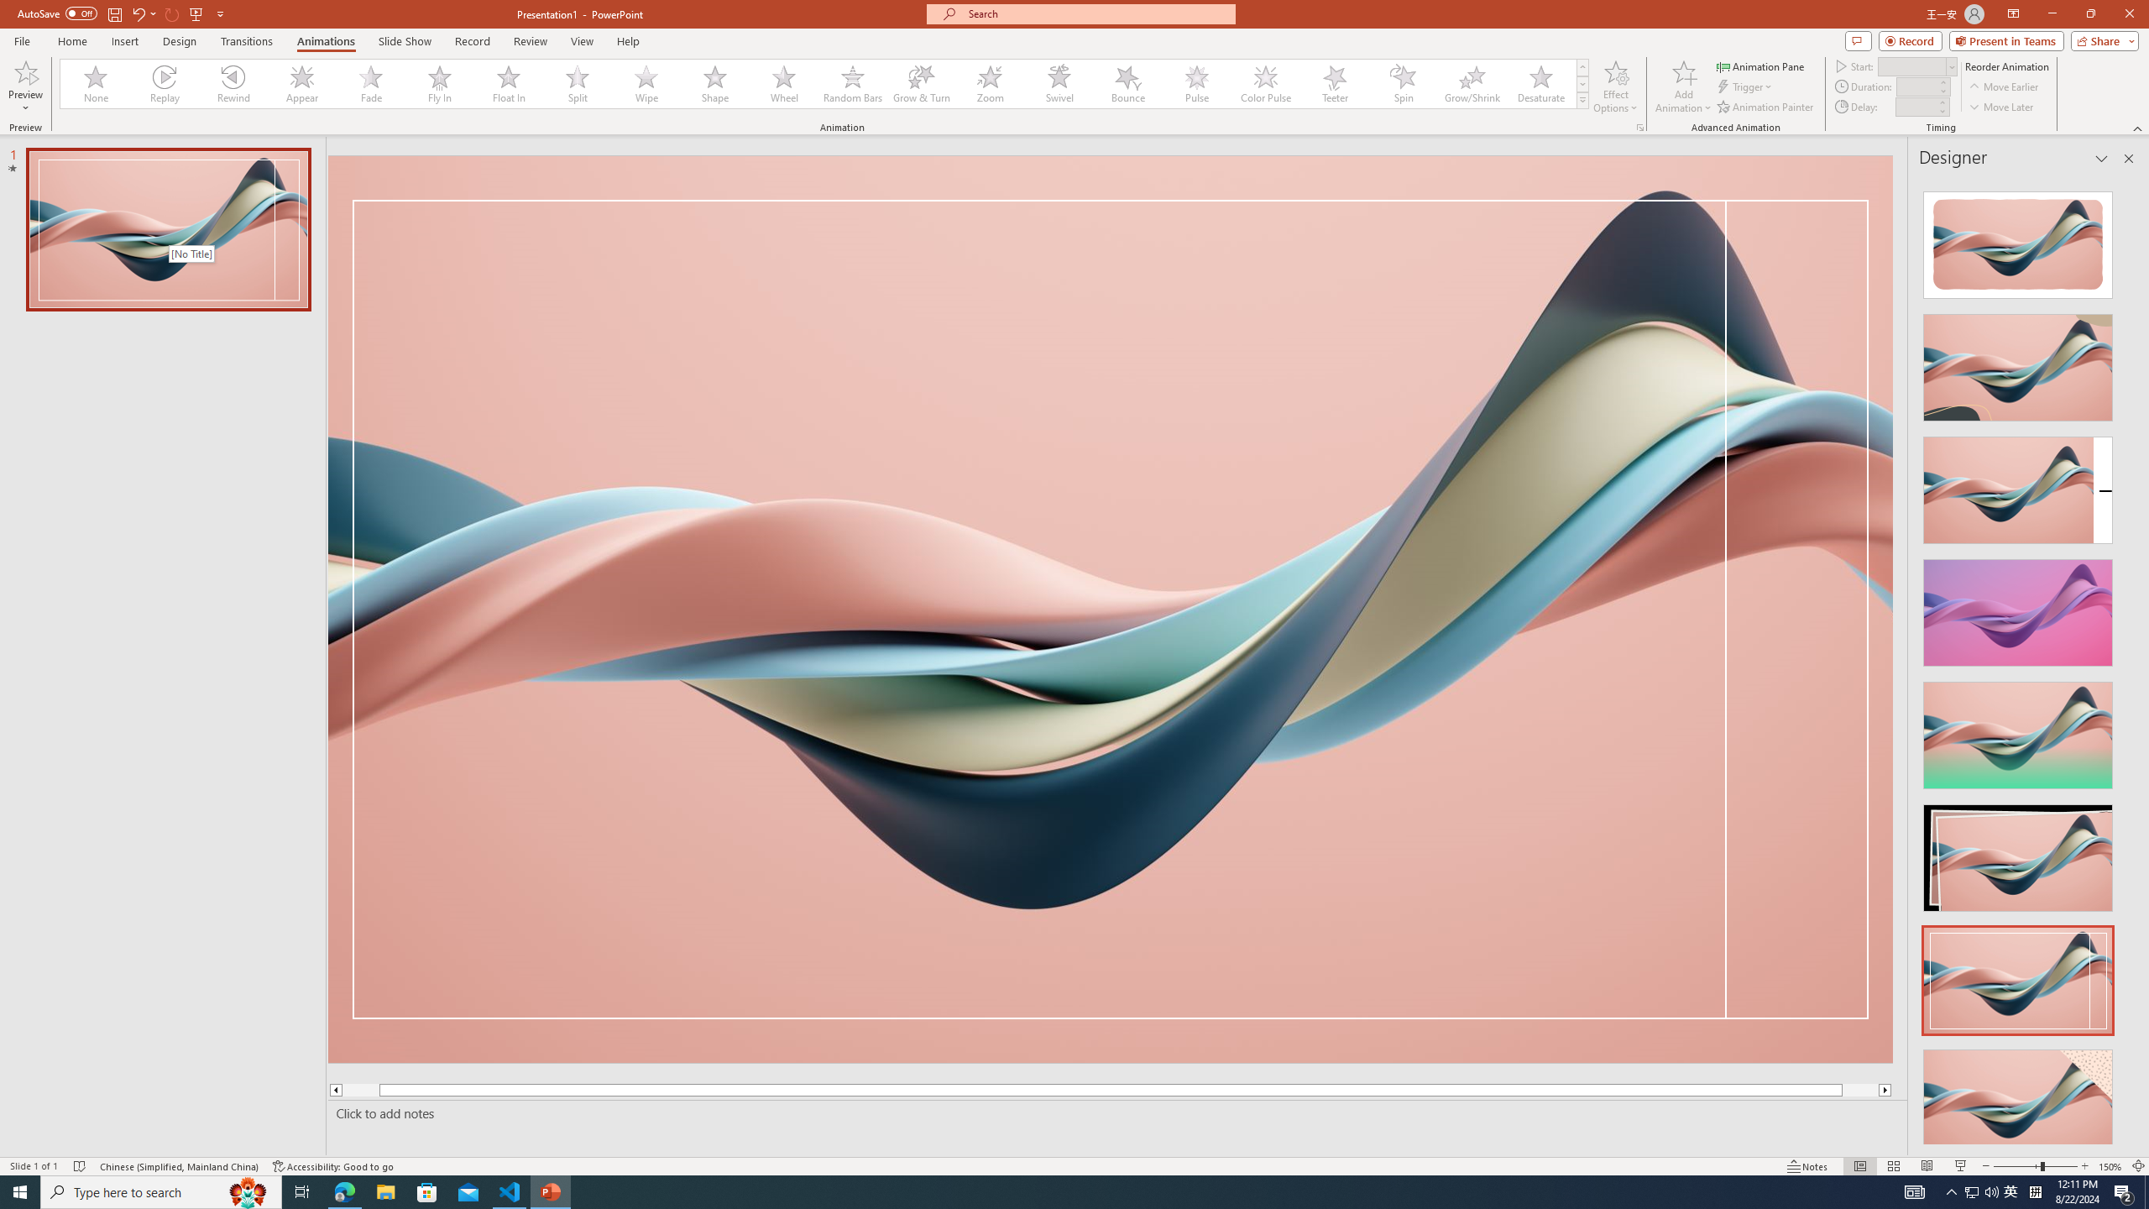  What do you see at coordinates (852, 83) in the screenshot?
I see `'Random Bars'` at bounding box center [852, 83].